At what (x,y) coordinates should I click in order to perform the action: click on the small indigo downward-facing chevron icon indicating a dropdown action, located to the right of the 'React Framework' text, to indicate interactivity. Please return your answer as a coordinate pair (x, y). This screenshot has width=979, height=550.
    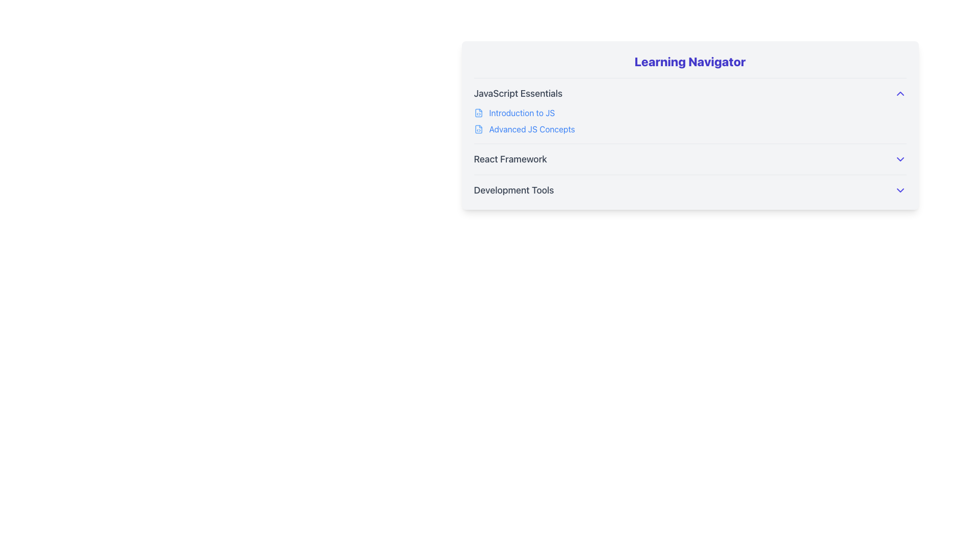
    Looking at the image, I should click on (900, 159).